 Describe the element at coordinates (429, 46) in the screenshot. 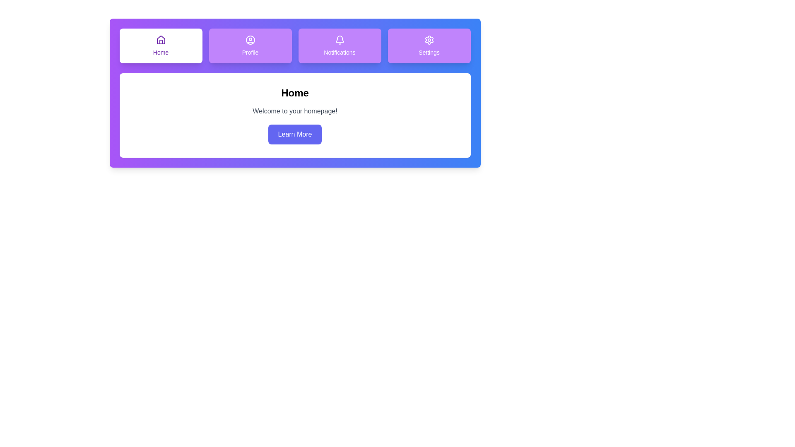

I see `the tab icon corresponding to Settings` at that location.